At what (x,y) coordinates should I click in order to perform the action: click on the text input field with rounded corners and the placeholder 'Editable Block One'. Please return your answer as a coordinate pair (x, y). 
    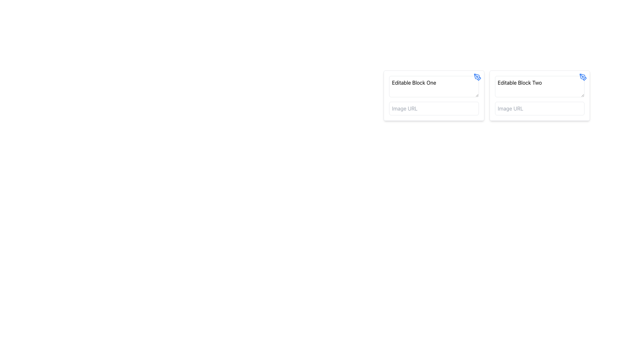
    Looking at the image, I should click on (434, 86).